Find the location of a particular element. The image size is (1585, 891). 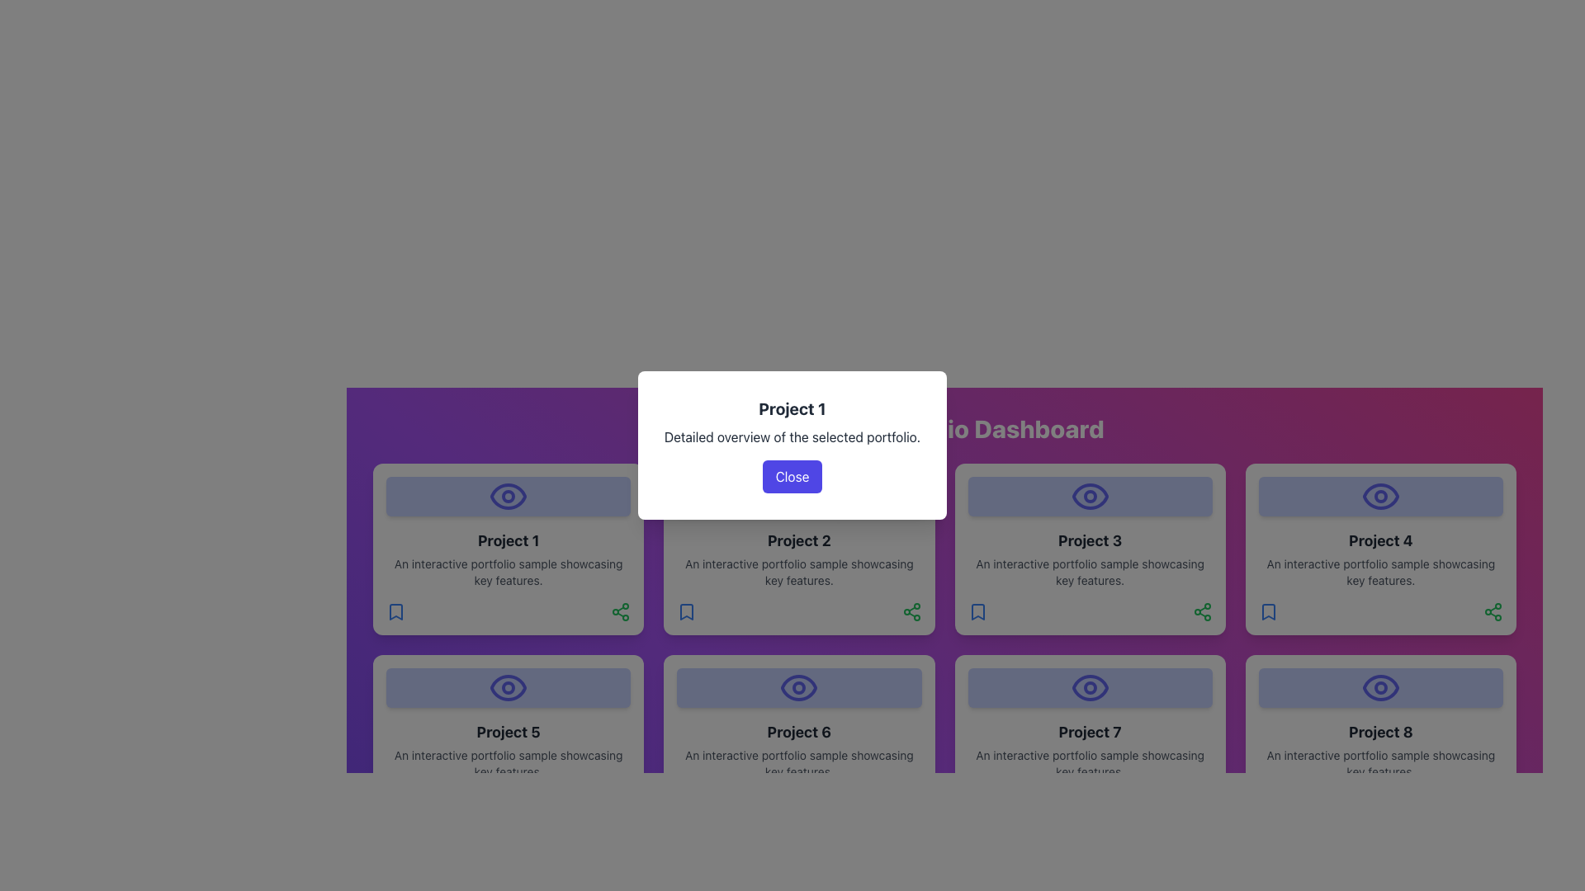

the text element providing a brief description of 'Project 7', located directly below the title text in the last column of the second row in the grid structure is located at coordinates (1090, 763).